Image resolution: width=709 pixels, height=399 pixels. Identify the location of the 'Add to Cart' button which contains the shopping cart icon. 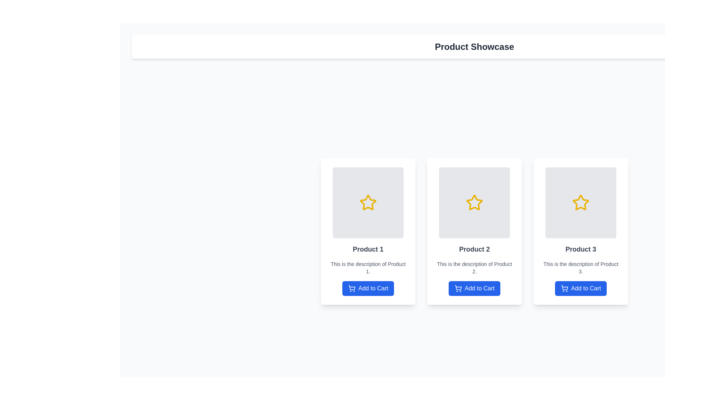
(351, 288).